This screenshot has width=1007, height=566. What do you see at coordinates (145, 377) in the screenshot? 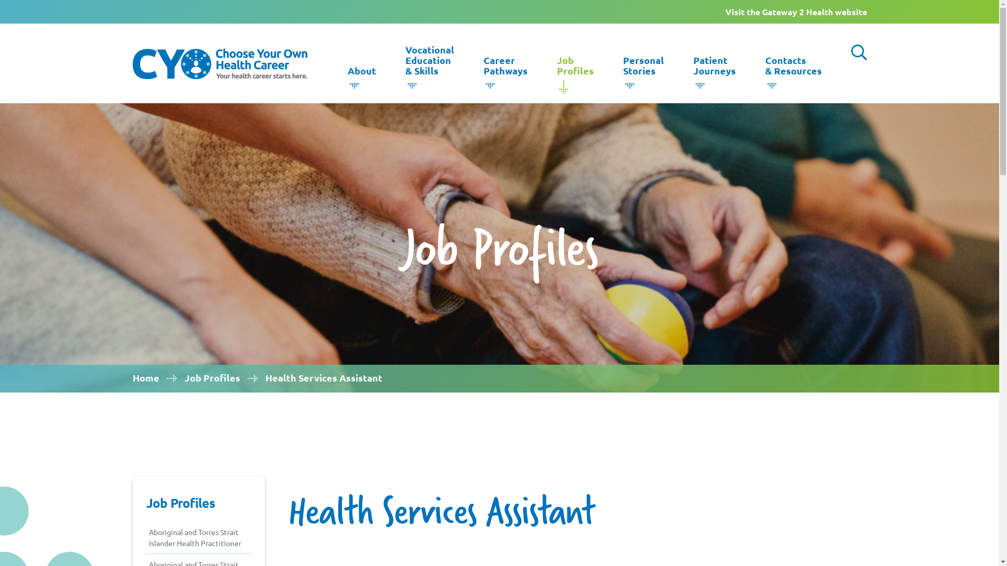
I see `'Home'` at bounding box center [145, 377].